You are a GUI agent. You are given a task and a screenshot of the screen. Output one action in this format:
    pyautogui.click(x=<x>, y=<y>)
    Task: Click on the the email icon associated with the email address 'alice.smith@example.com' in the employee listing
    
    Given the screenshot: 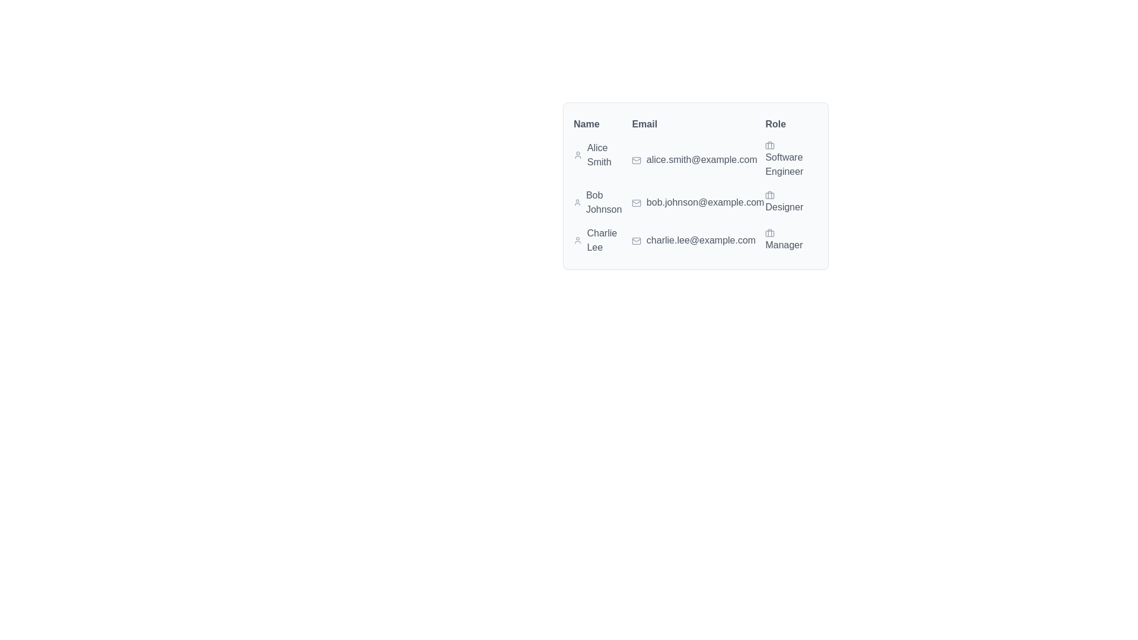 What is the action you would take?
    pyautogui.click(x=636, y=160)
    